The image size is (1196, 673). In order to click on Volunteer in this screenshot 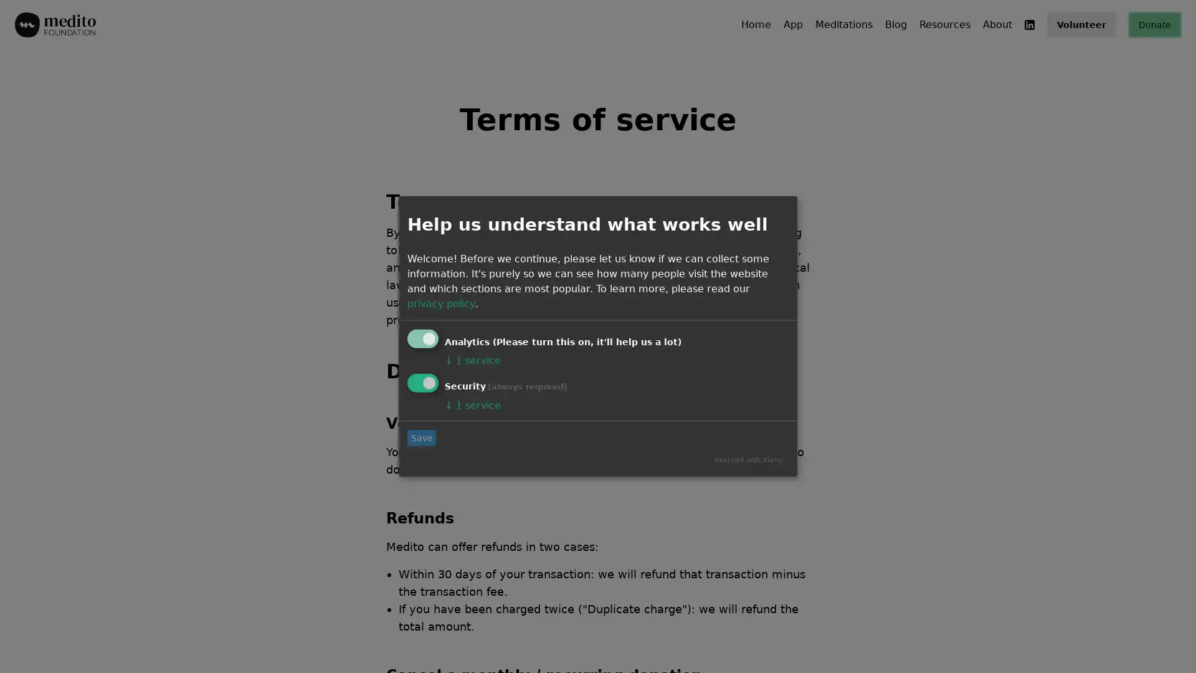, I will do `click(1081, 24)`.